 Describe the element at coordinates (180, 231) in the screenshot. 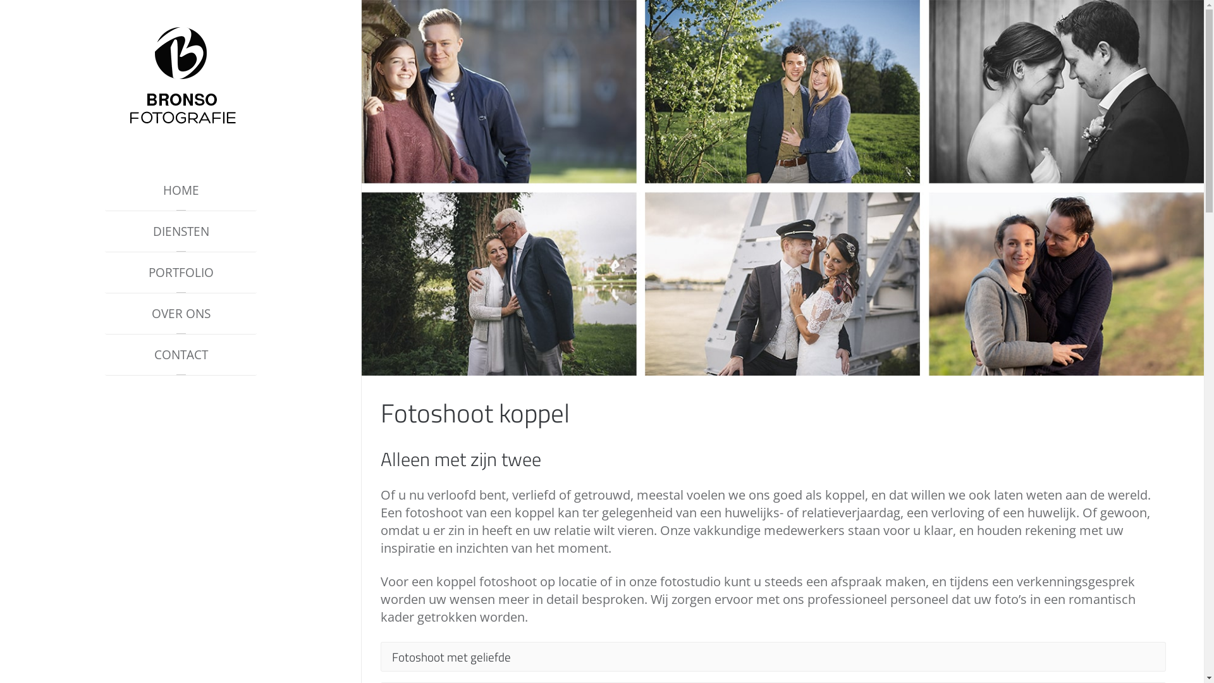

I see `'DIENSTEN'` at that location.